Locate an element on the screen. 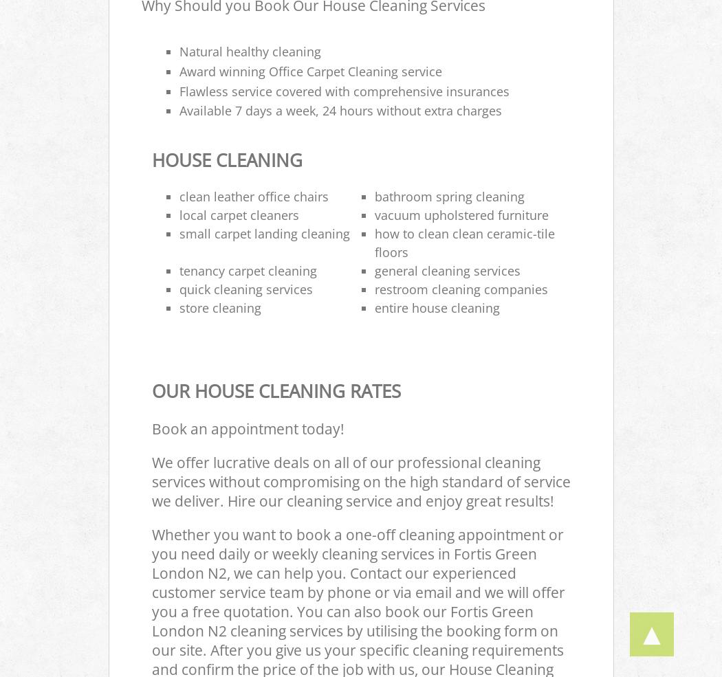  'tenancy carpet cleaning' is located at coordinates (247, 271).